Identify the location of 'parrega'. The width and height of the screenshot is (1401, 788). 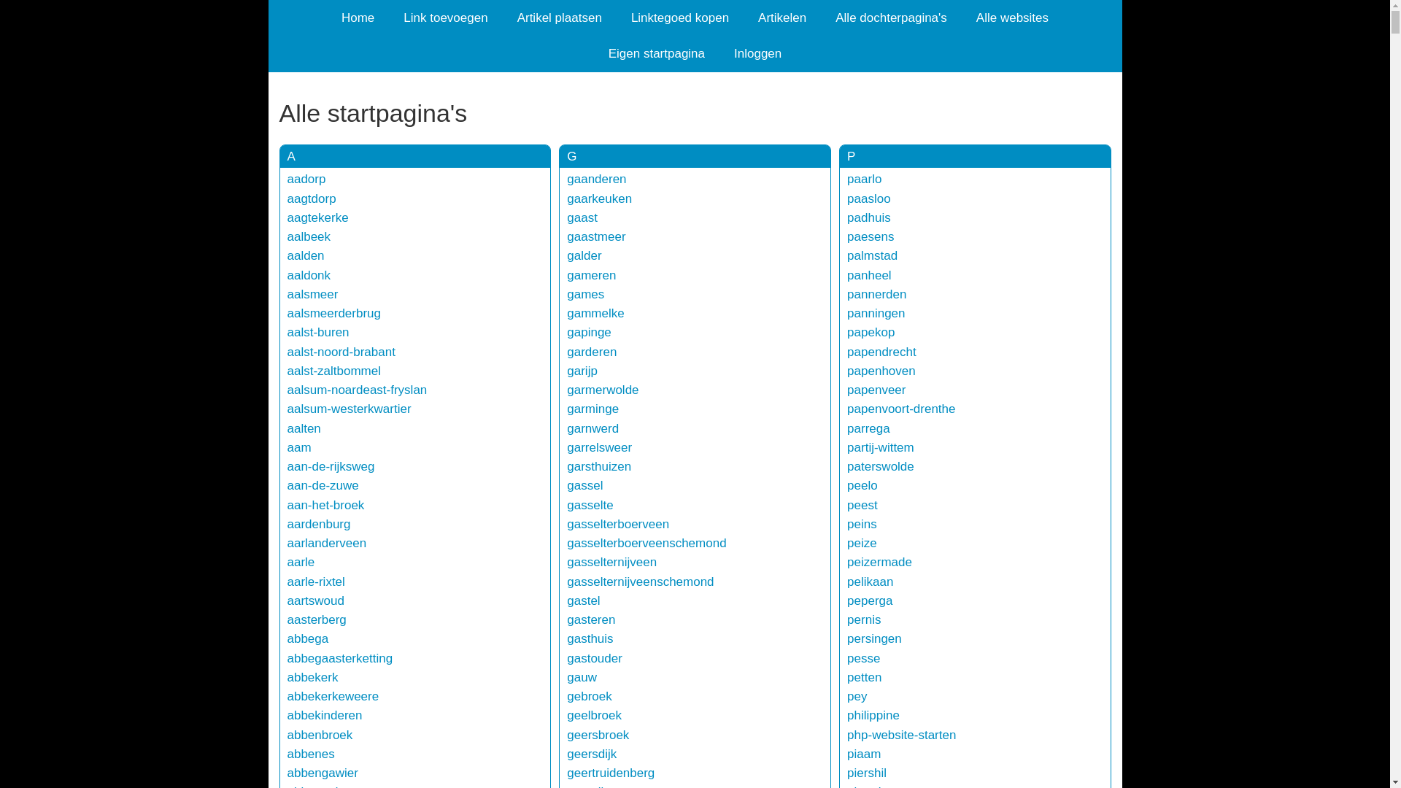
(847, 428).